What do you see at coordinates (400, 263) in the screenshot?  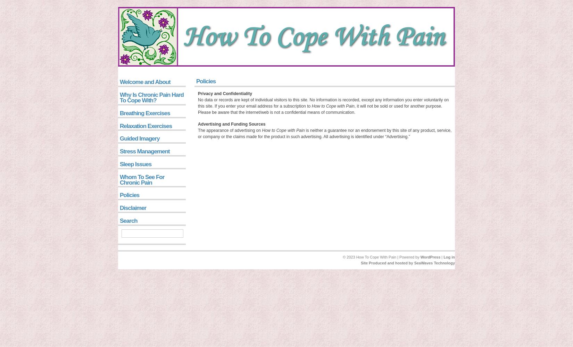 I see `'and hosted by'` at bounding box center [400, 263].